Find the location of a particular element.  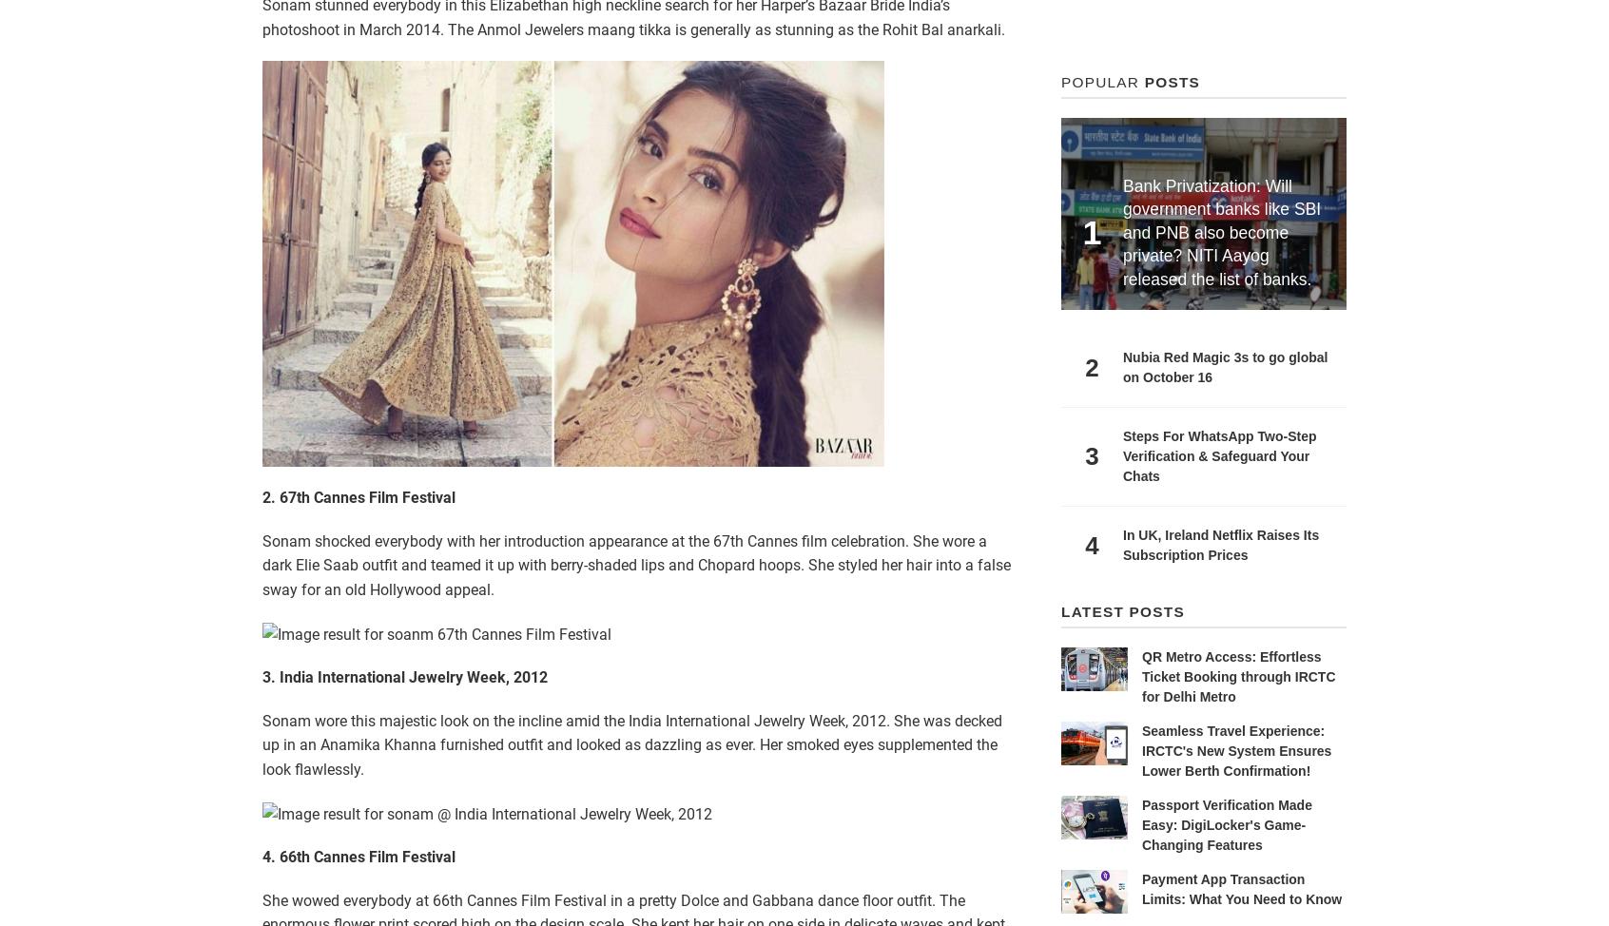

'2' is located at coordinates (1083, 366).